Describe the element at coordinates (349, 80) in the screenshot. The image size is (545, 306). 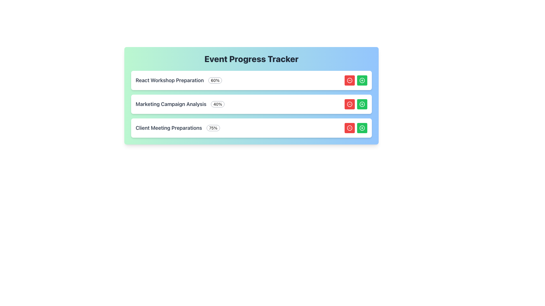
I see `the red 'remove' icon located on the far right side of the 'React Workshop Preparation' row to potentially reveal a tooltip` at that location.